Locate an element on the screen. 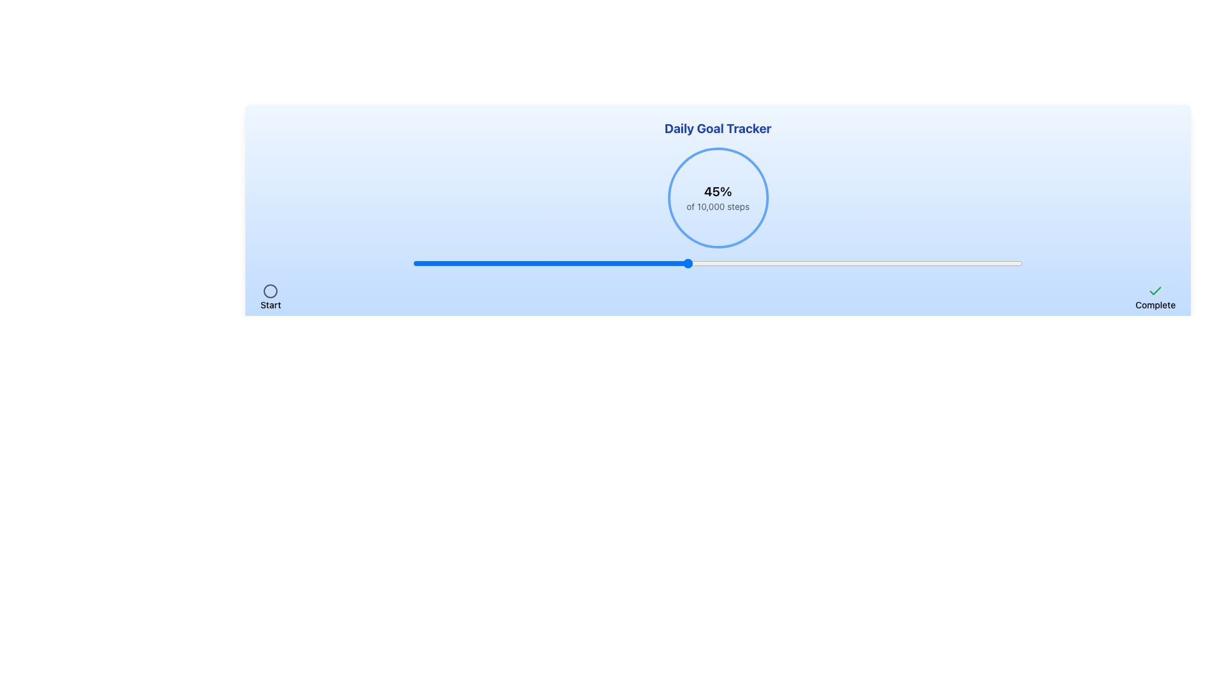  the informational text label that displays the current progress percentage towards a goal, which is centrally located within a circular graphical indicator is located at coordinates (718, 192).